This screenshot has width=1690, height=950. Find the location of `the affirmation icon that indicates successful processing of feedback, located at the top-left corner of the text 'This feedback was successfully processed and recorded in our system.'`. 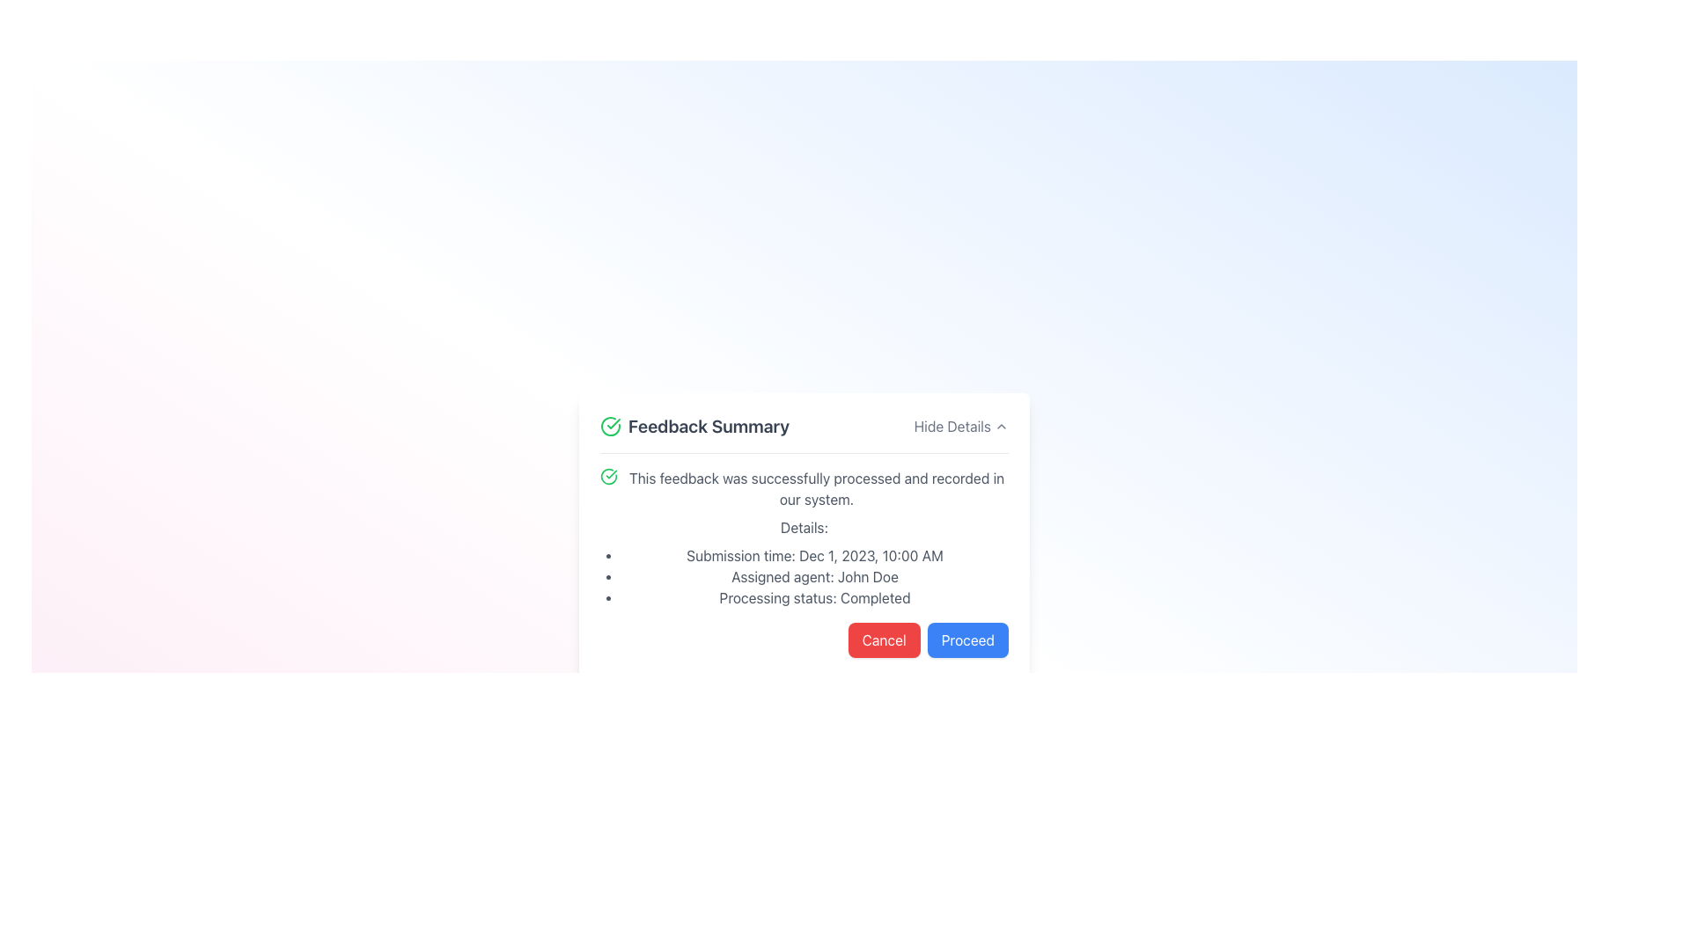

the affirmation icon that indicates successful processing of feedback, located at the top-left corner of the text 'This feedback was successfully processed and recorded in our system.' is located at coordinates (608, 475).